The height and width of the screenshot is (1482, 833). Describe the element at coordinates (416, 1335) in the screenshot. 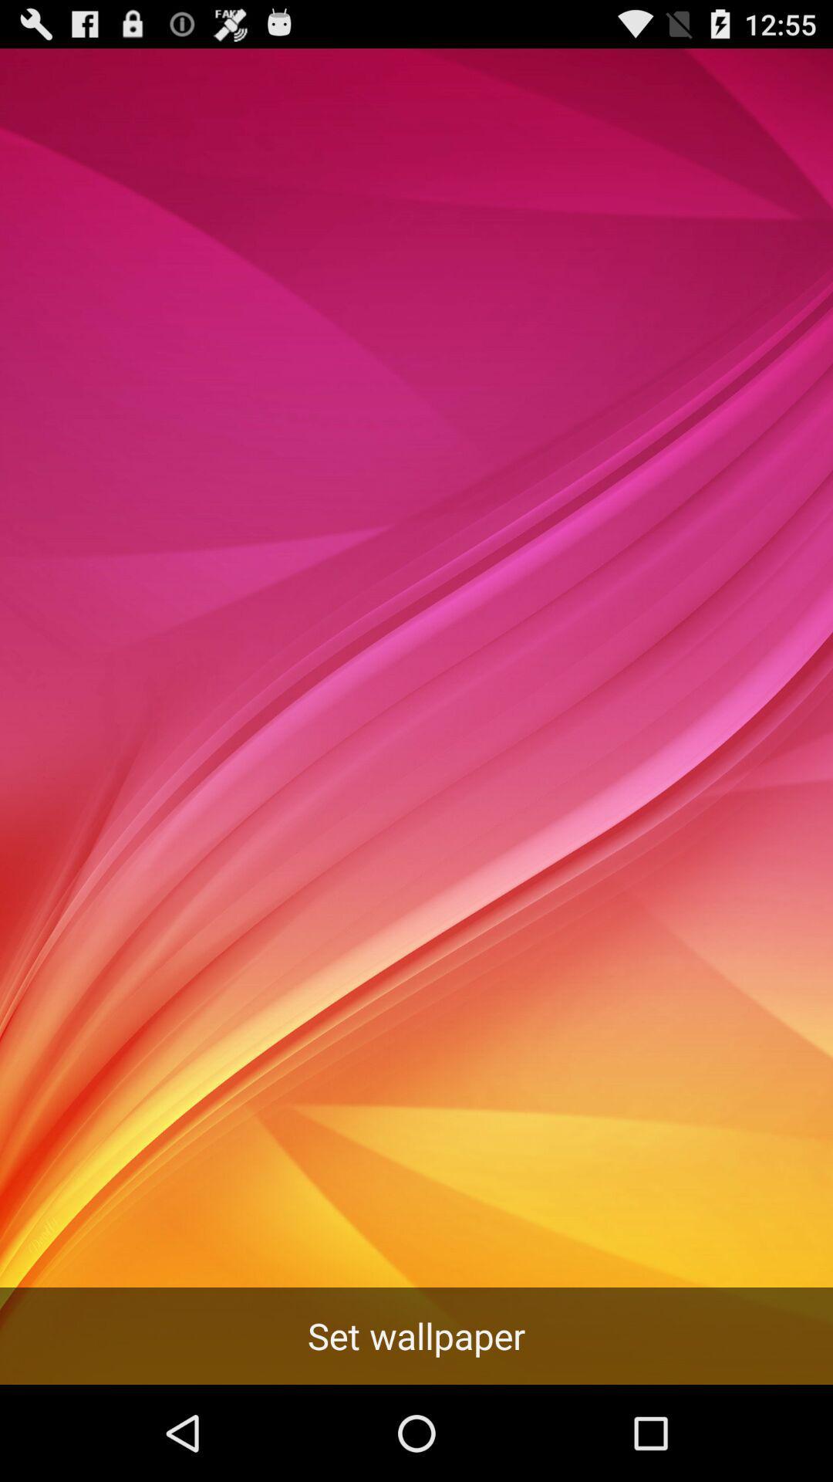

I see `set wallpaper button` at that location.